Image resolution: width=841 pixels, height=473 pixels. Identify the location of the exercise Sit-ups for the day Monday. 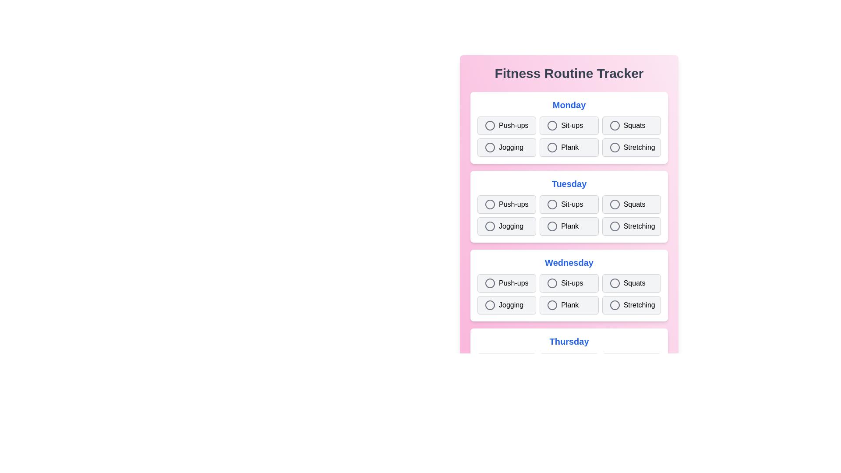
(569, 125).